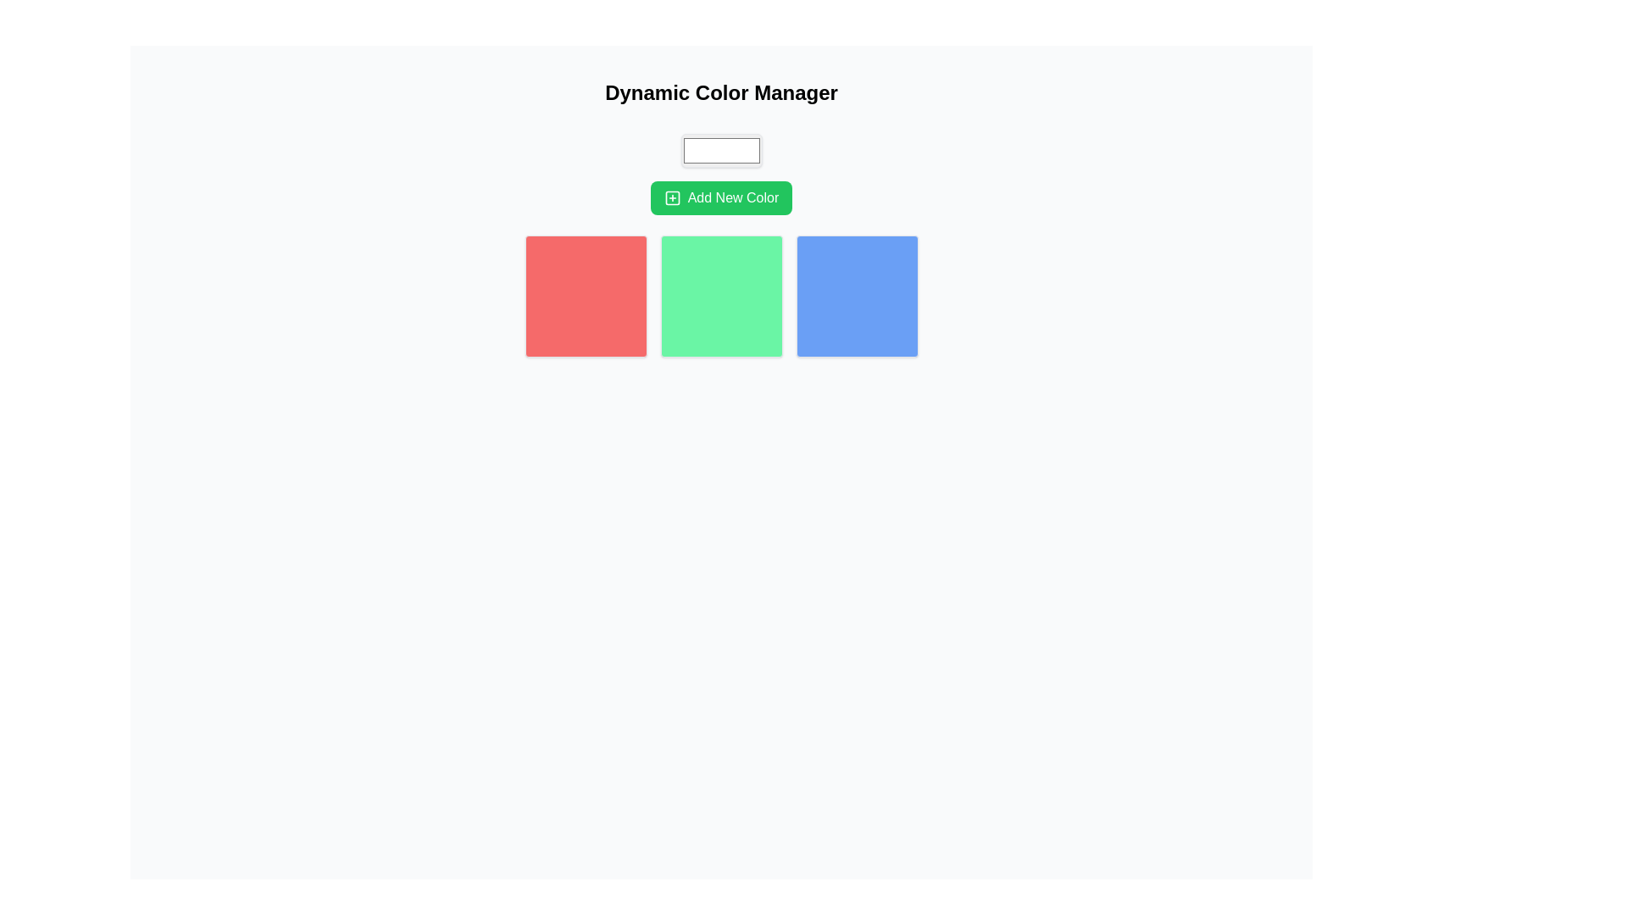 The height and width of the screenshot is (915, 1627). Describe the element at coordinates (586, 296) in the screenshot. I see `the leftmost visual color tile in the color management interface` at that location.